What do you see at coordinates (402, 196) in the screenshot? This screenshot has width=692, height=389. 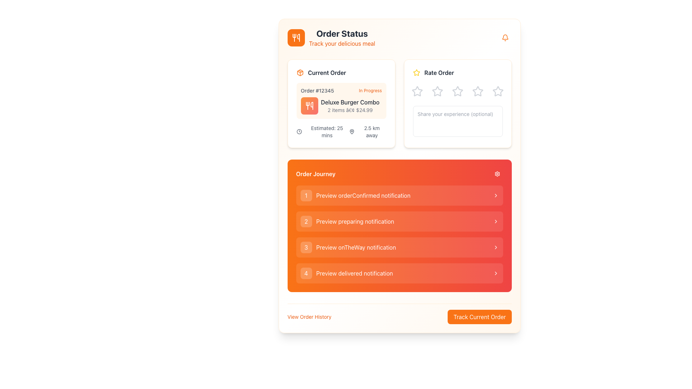 I see `the text label displaying 'Preview orderConfirmed notification' which is styled left-aligned within a transparent background and located between a circular badge and a chevron icon` at bounding box center [402, 196].